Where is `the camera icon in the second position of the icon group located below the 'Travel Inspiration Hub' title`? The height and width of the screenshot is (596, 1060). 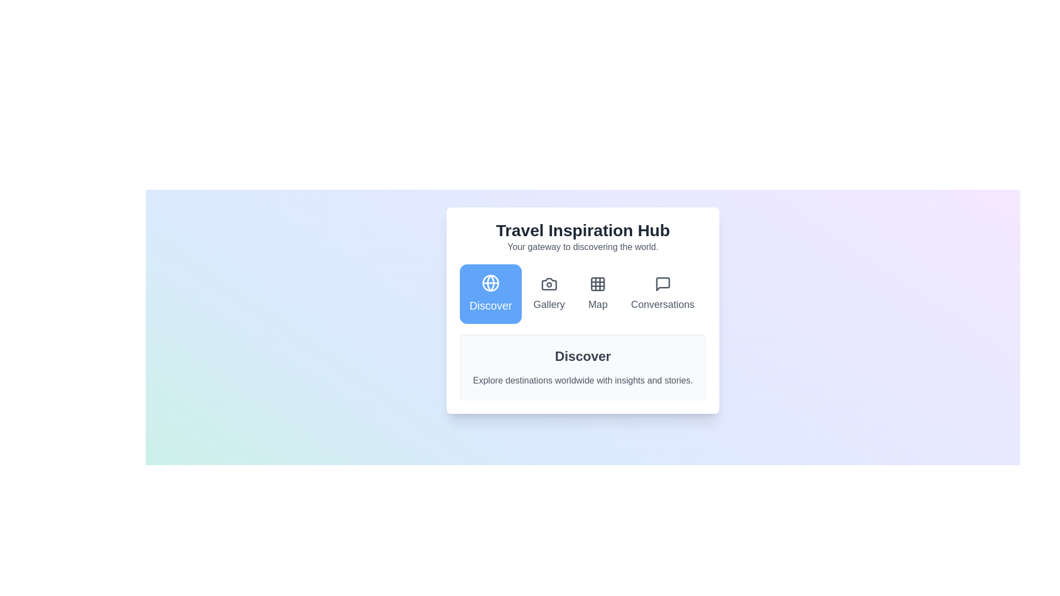 the camera icon in the second position of the icon group located below the 'Travel Inspiration Hub' title is located at coordinates (549, 284).